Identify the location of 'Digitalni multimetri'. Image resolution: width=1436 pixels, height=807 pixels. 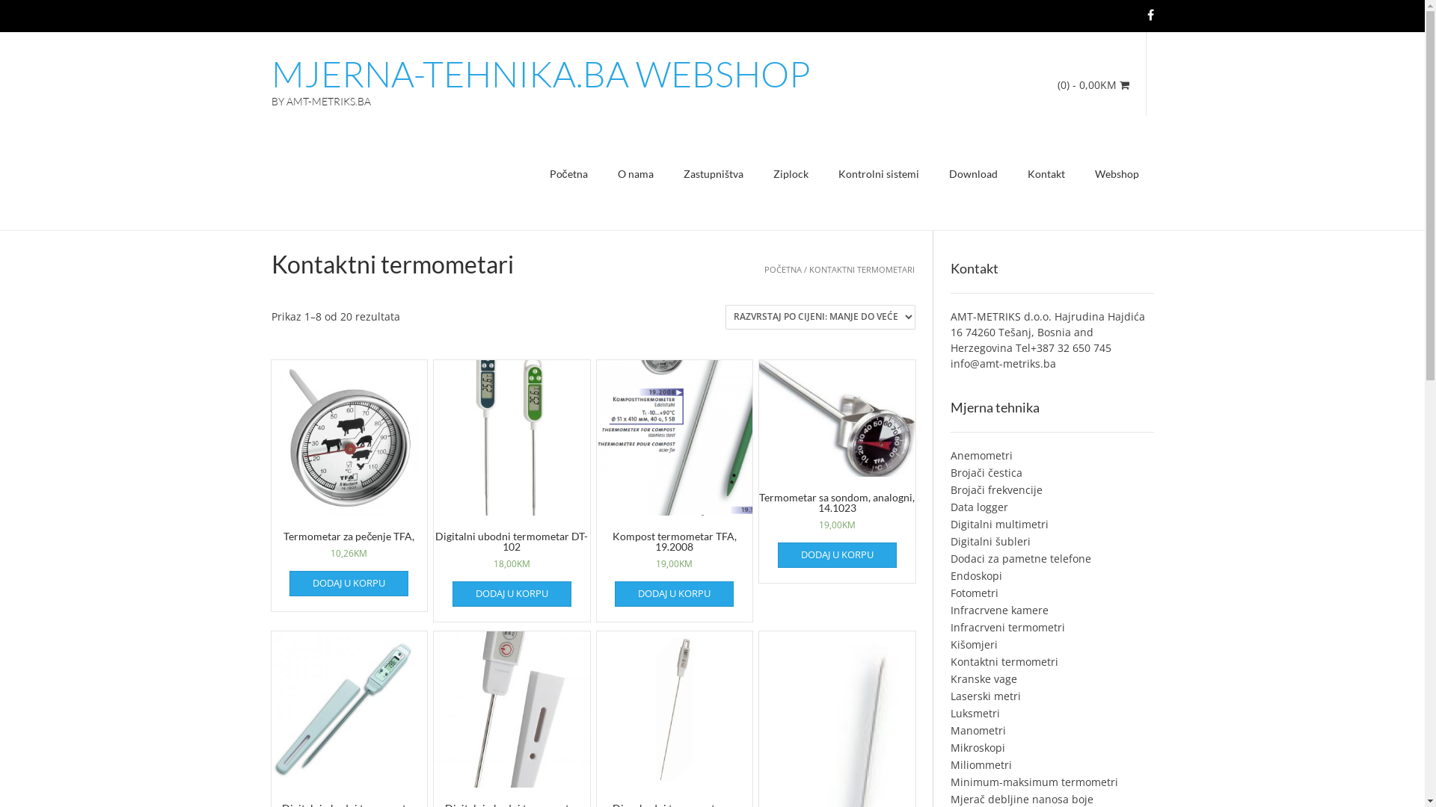
(999, 523).